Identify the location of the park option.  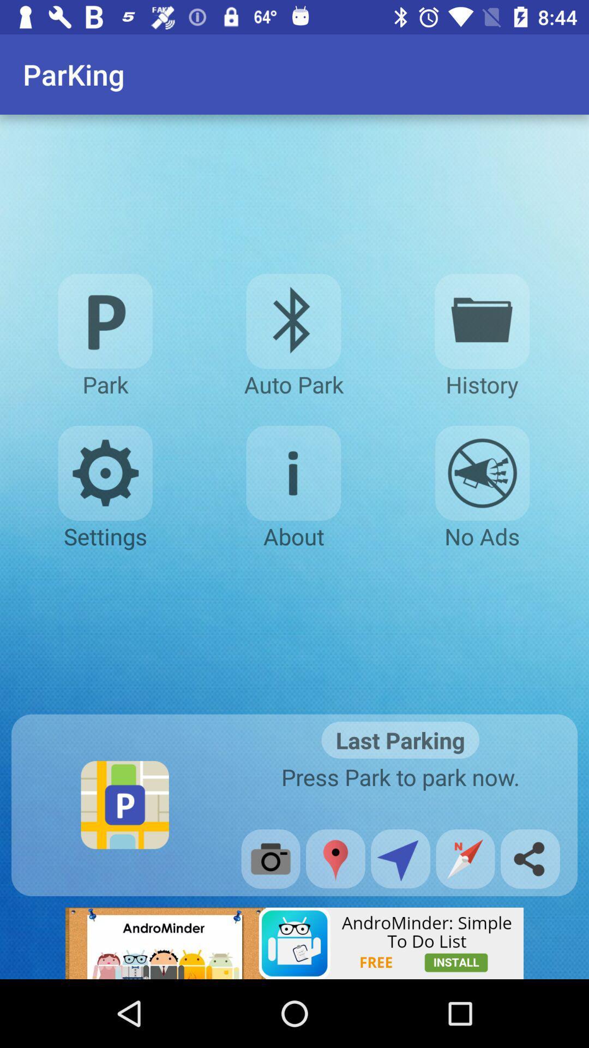
(105, 320).